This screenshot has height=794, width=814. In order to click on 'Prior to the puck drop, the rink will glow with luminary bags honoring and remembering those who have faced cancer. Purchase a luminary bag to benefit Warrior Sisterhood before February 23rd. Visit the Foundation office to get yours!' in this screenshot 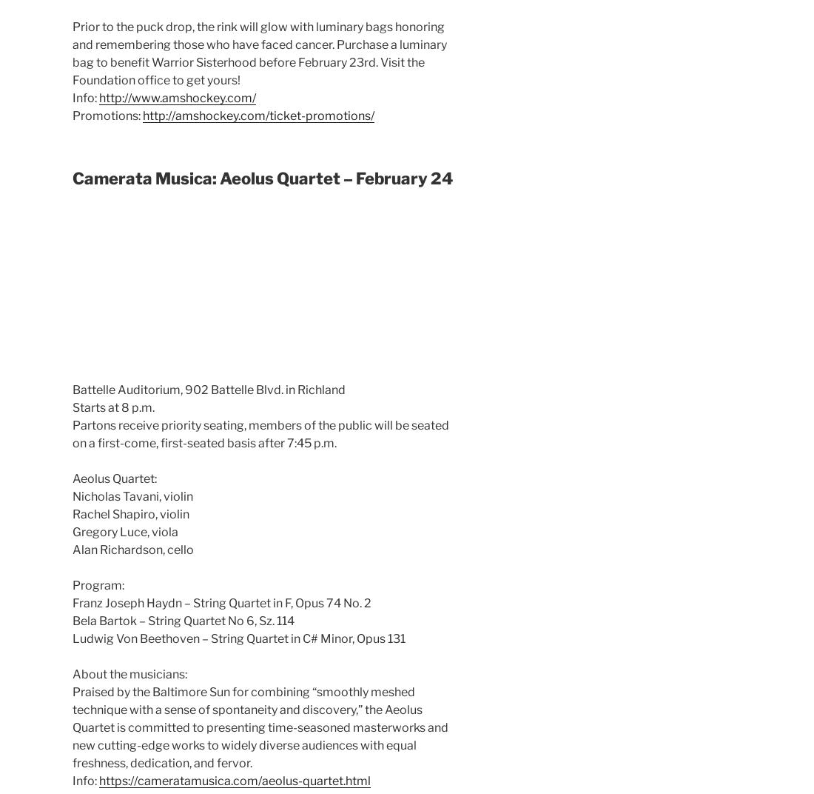, I will do `click(260, 53)`.